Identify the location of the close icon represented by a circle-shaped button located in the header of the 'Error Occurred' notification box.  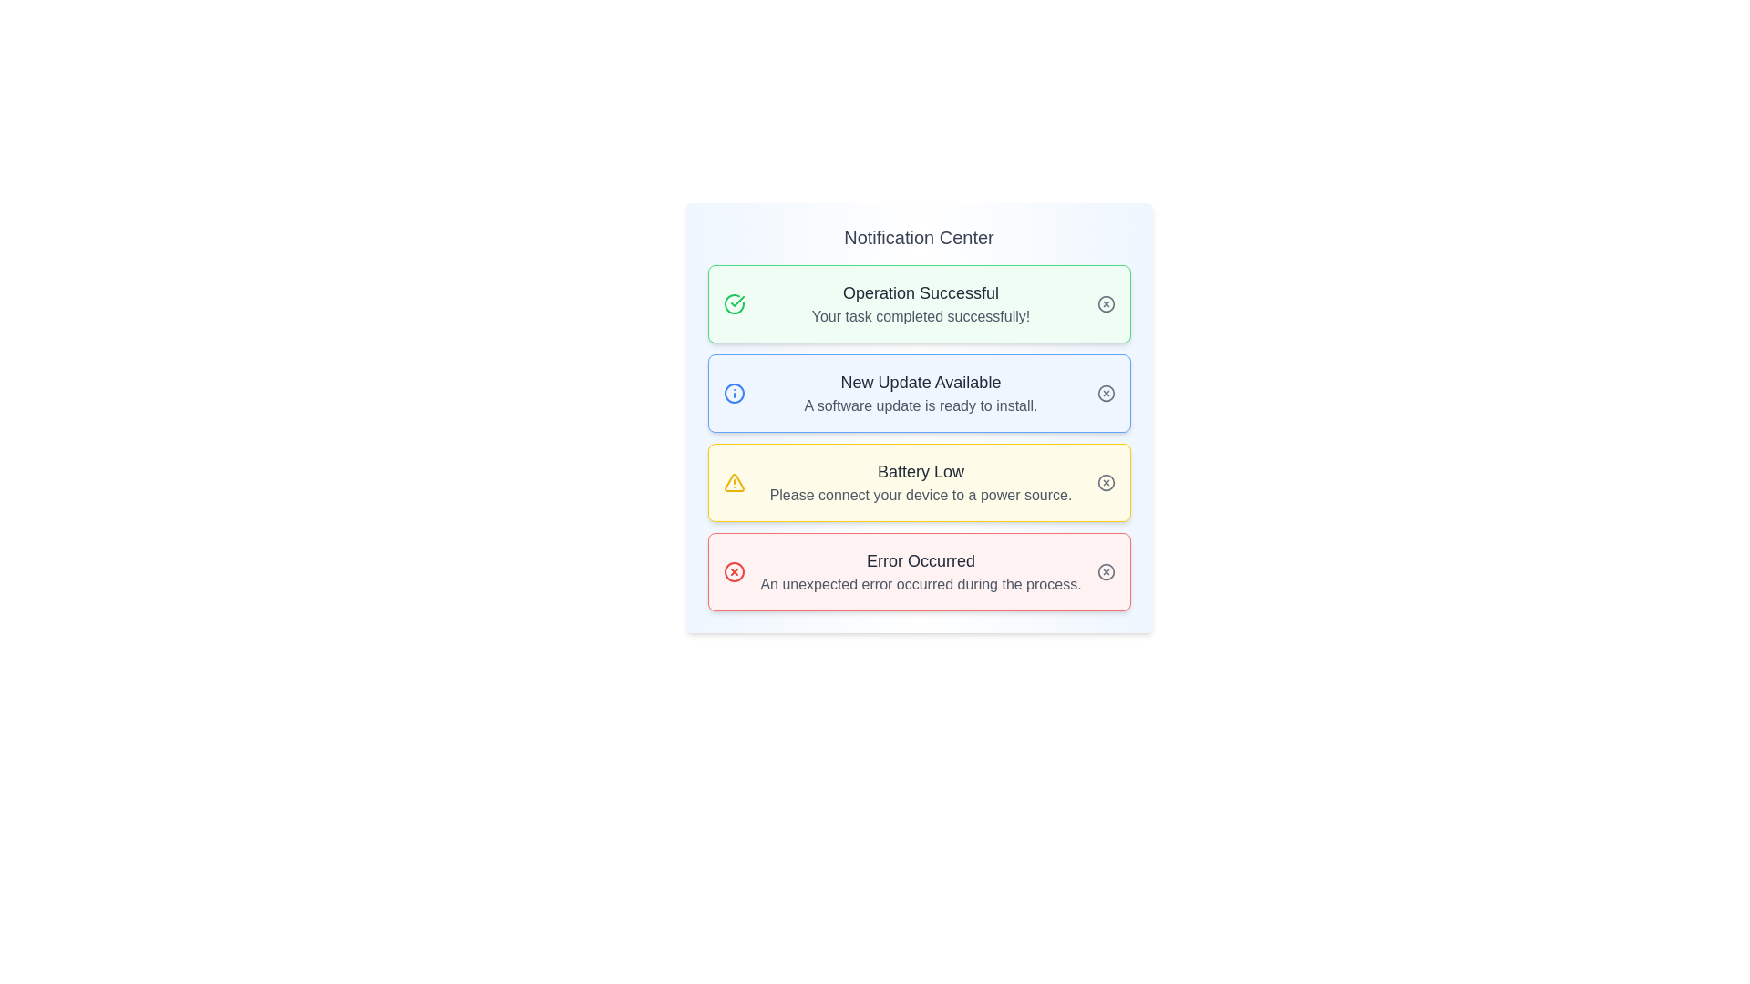
(1105, 571).